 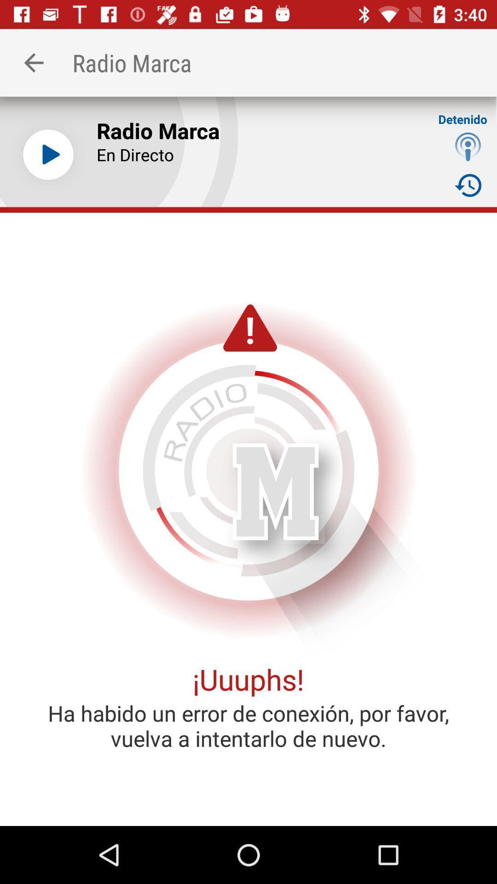 I want to click on item to the right of the en directo icon, so click(x=468, y=185).